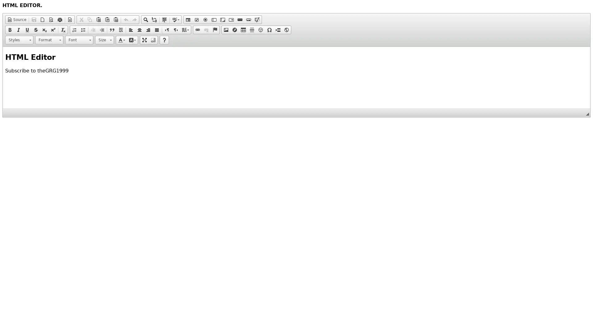  I want to click on Cut, so click(81, 19).